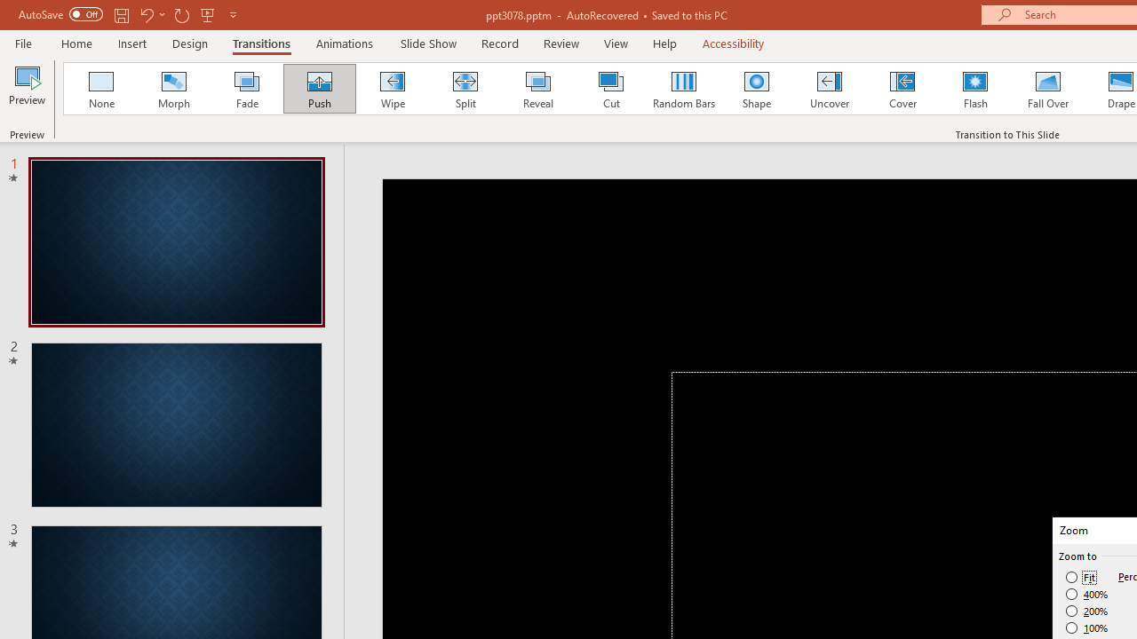  I want to click on 'Push', so click(319, 89).